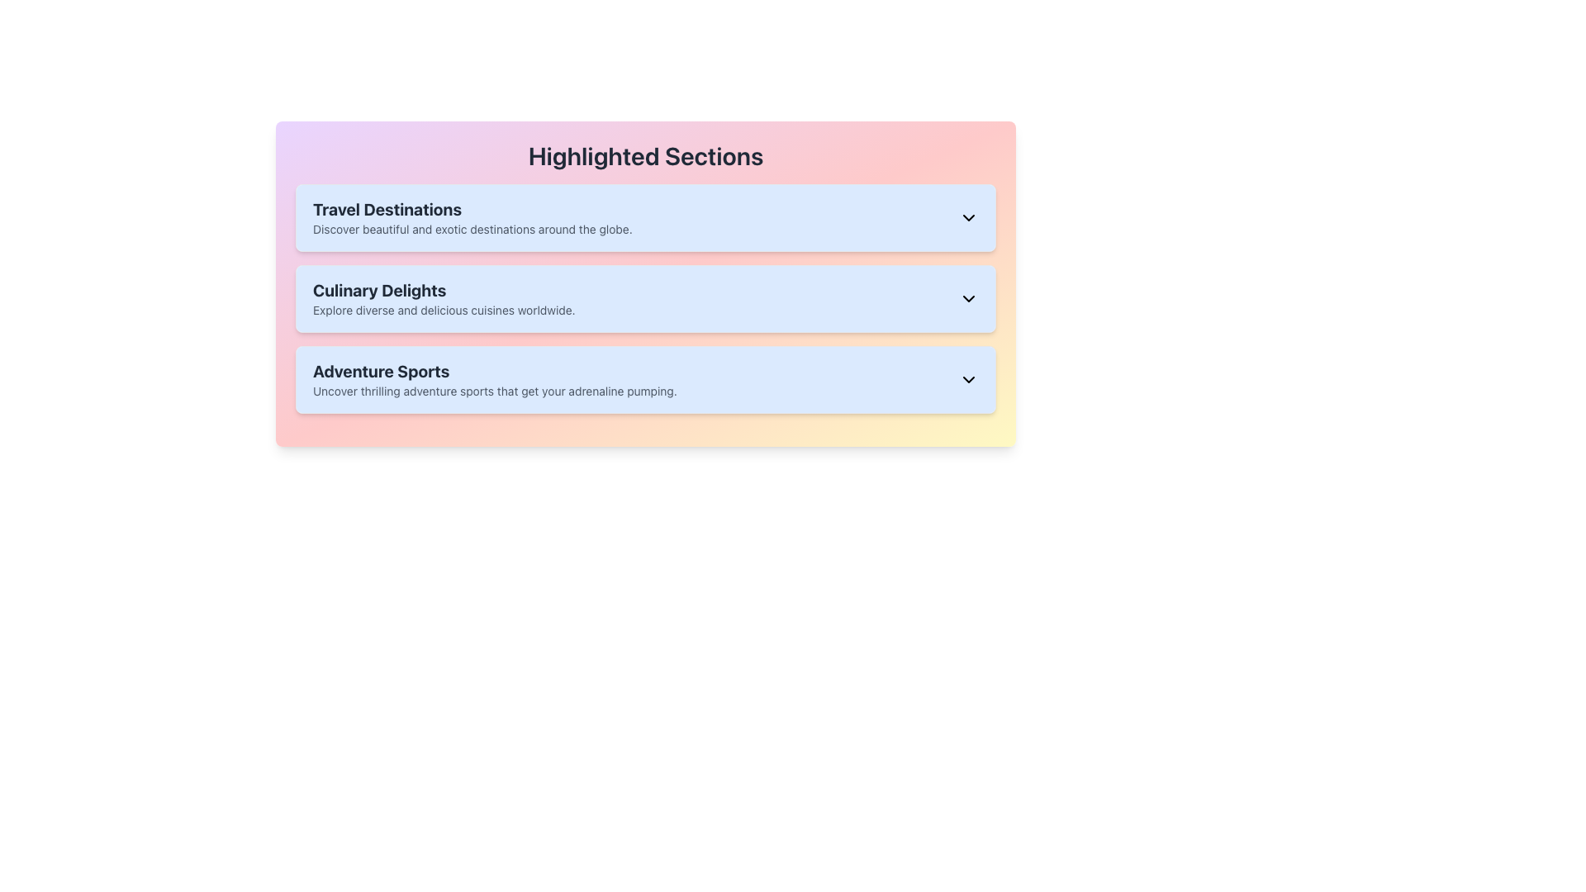 This screenshot has height=892, width=1586. What do you see at coordinates (444, 289) in the screenshot?
I see `the Text label that serves as a title for the culinary section, located beneath 'Highlighted Sections' and above 'Explore diverse and delicious cuisines worldwide.'` at bounding box center [444, 289].